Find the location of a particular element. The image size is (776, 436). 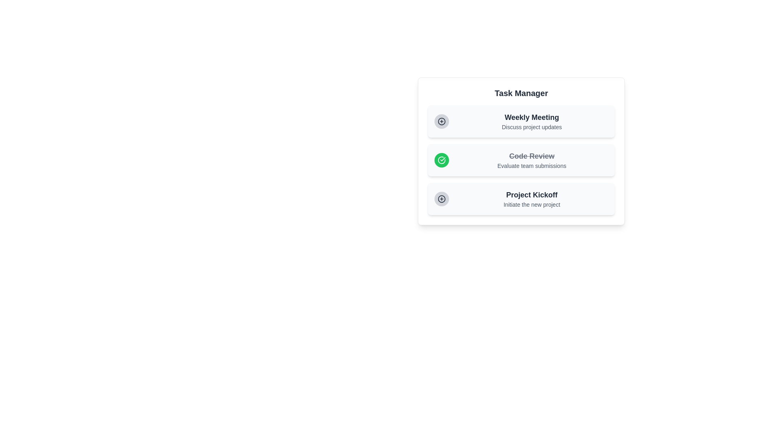

text label that reads 'Evaluate team submissions', positioned centrally below the 'Code Review' text in the second task card of the 'Task Manager' interface is located at coordinates (531, 166).